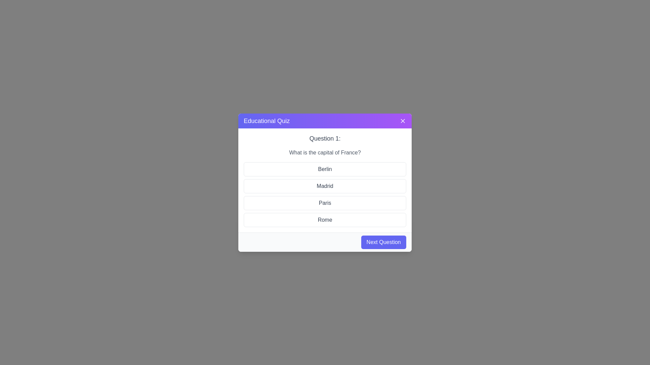 This screenshot has width=650, height=365. I want to click on the fourth button labeled 'Rome', so click(325, 220).